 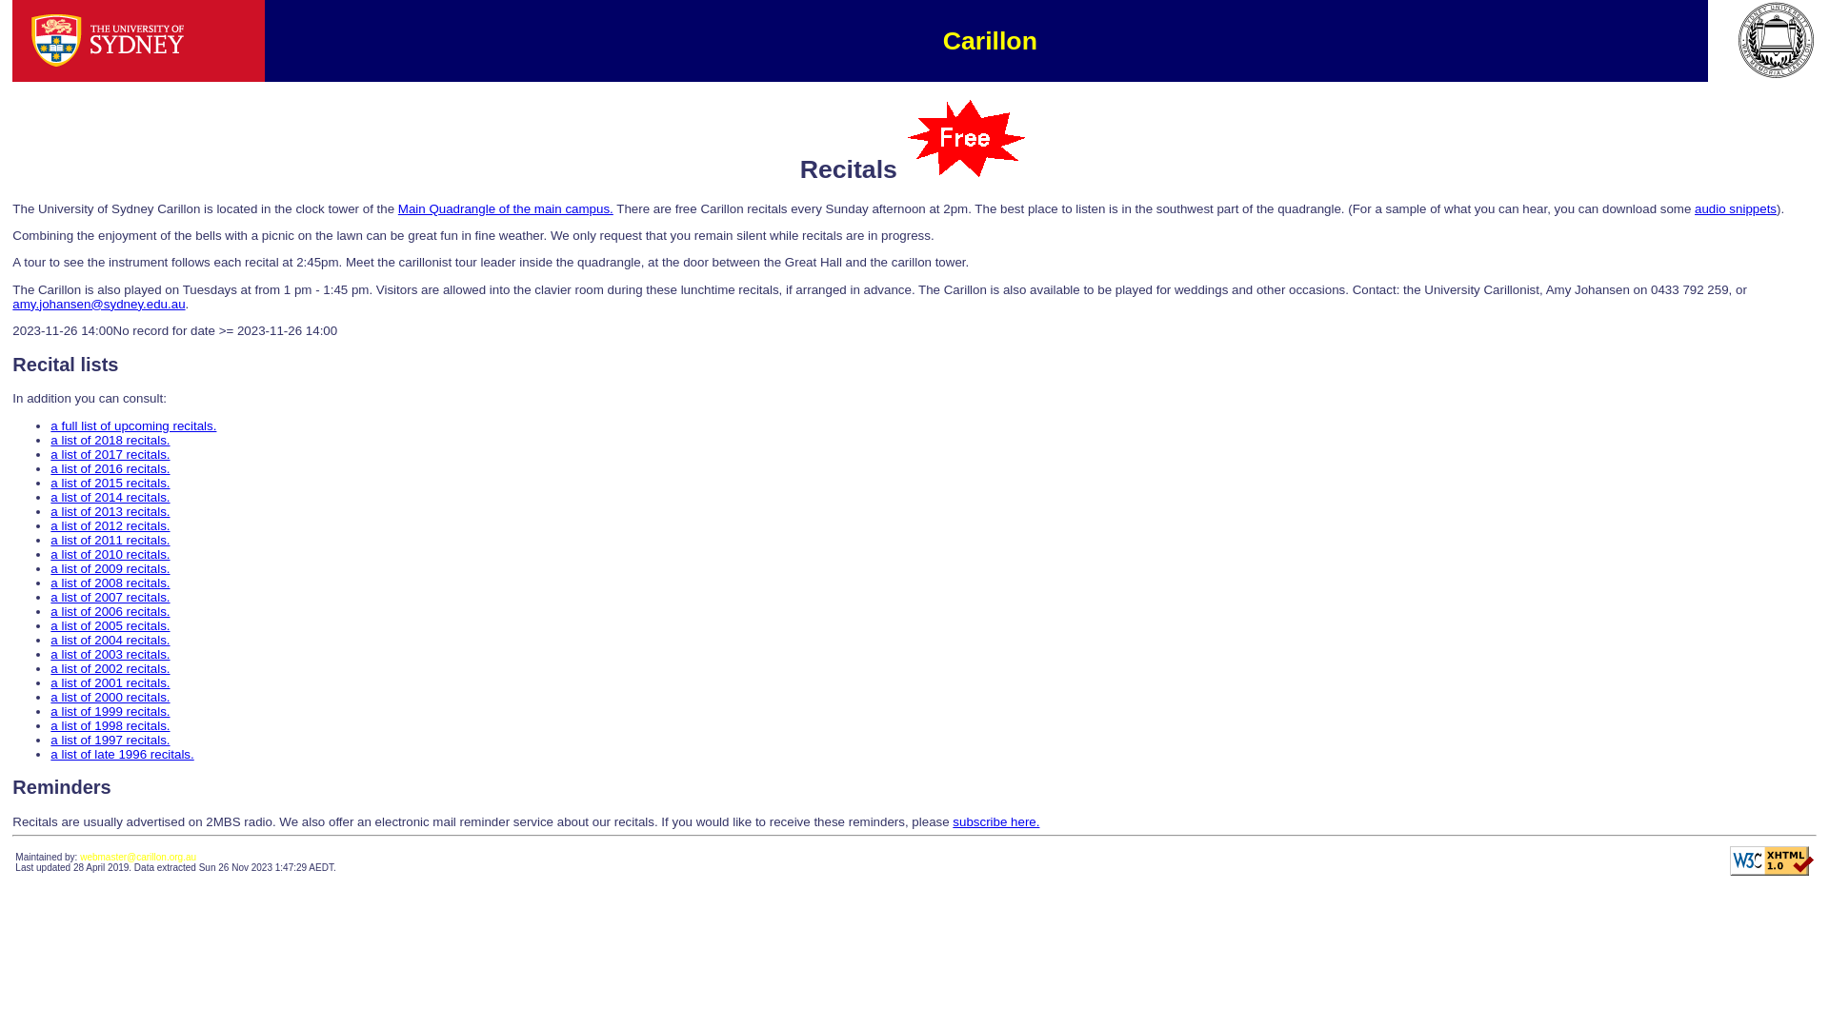 I want to click on 'amy.johansen@sydney.edu.au', so click(x=97, y=303).